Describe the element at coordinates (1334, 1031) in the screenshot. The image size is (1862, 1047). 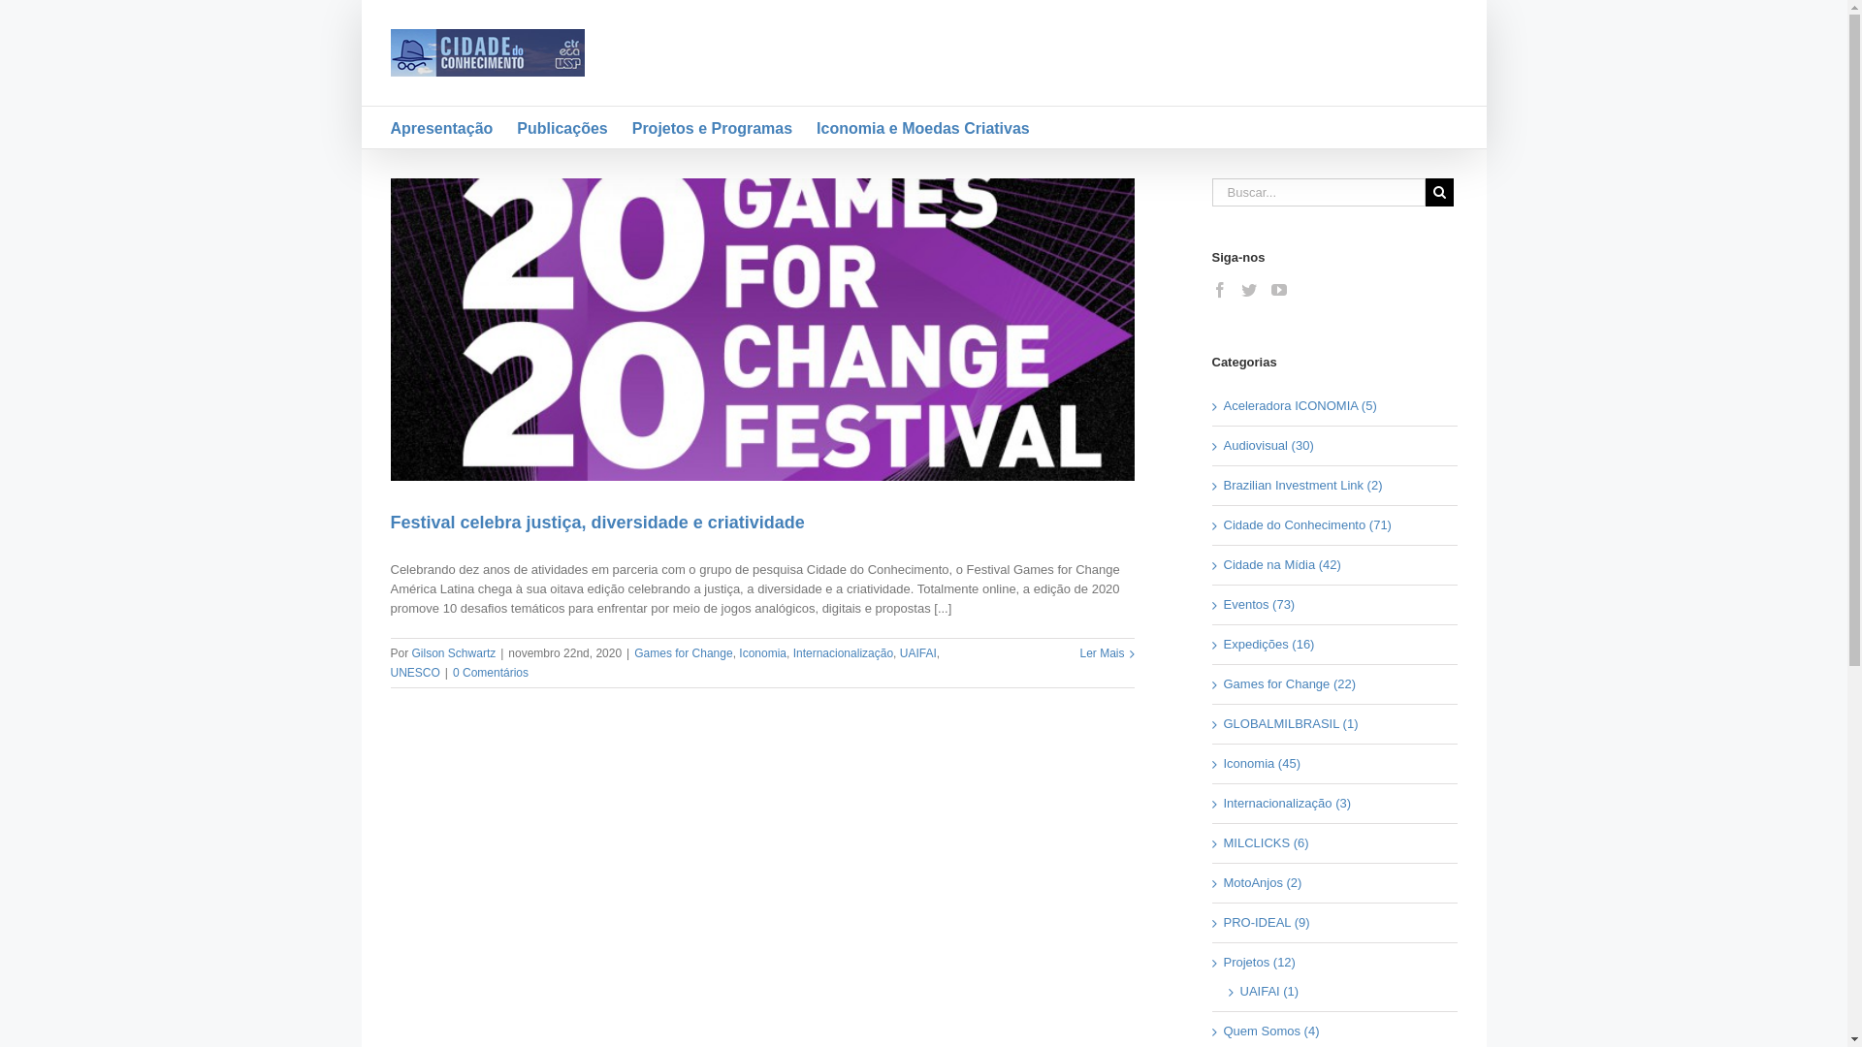
I see `'Quem Somos (4)'` at that location.